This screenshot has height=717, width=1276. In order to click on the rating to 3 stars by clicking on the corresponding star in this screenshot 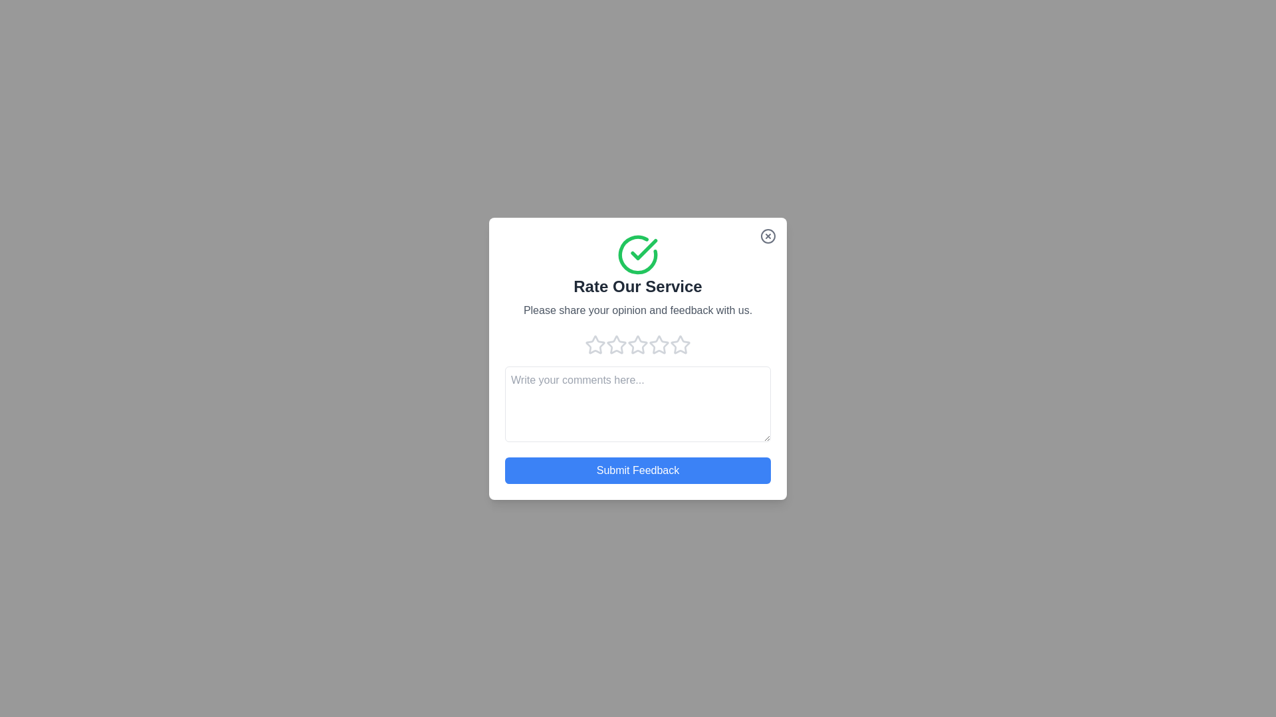, I will do `click(638, 344)`.